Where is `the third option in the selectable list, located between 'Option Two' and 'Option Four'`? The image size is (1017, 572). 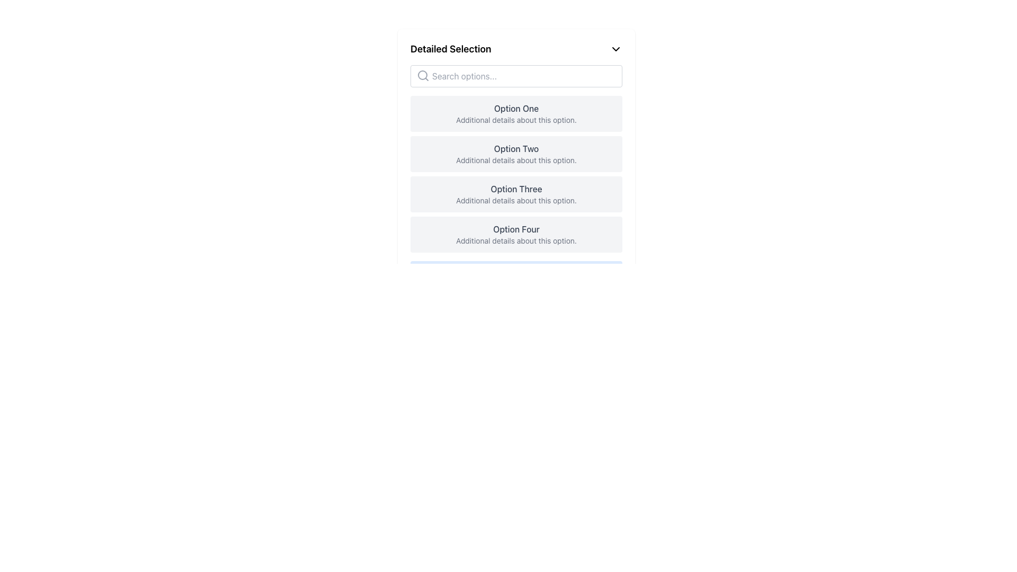
the third option in the selectable list, located between 'Option Two' and 'Option Four' is located at coordinates (516, 194).